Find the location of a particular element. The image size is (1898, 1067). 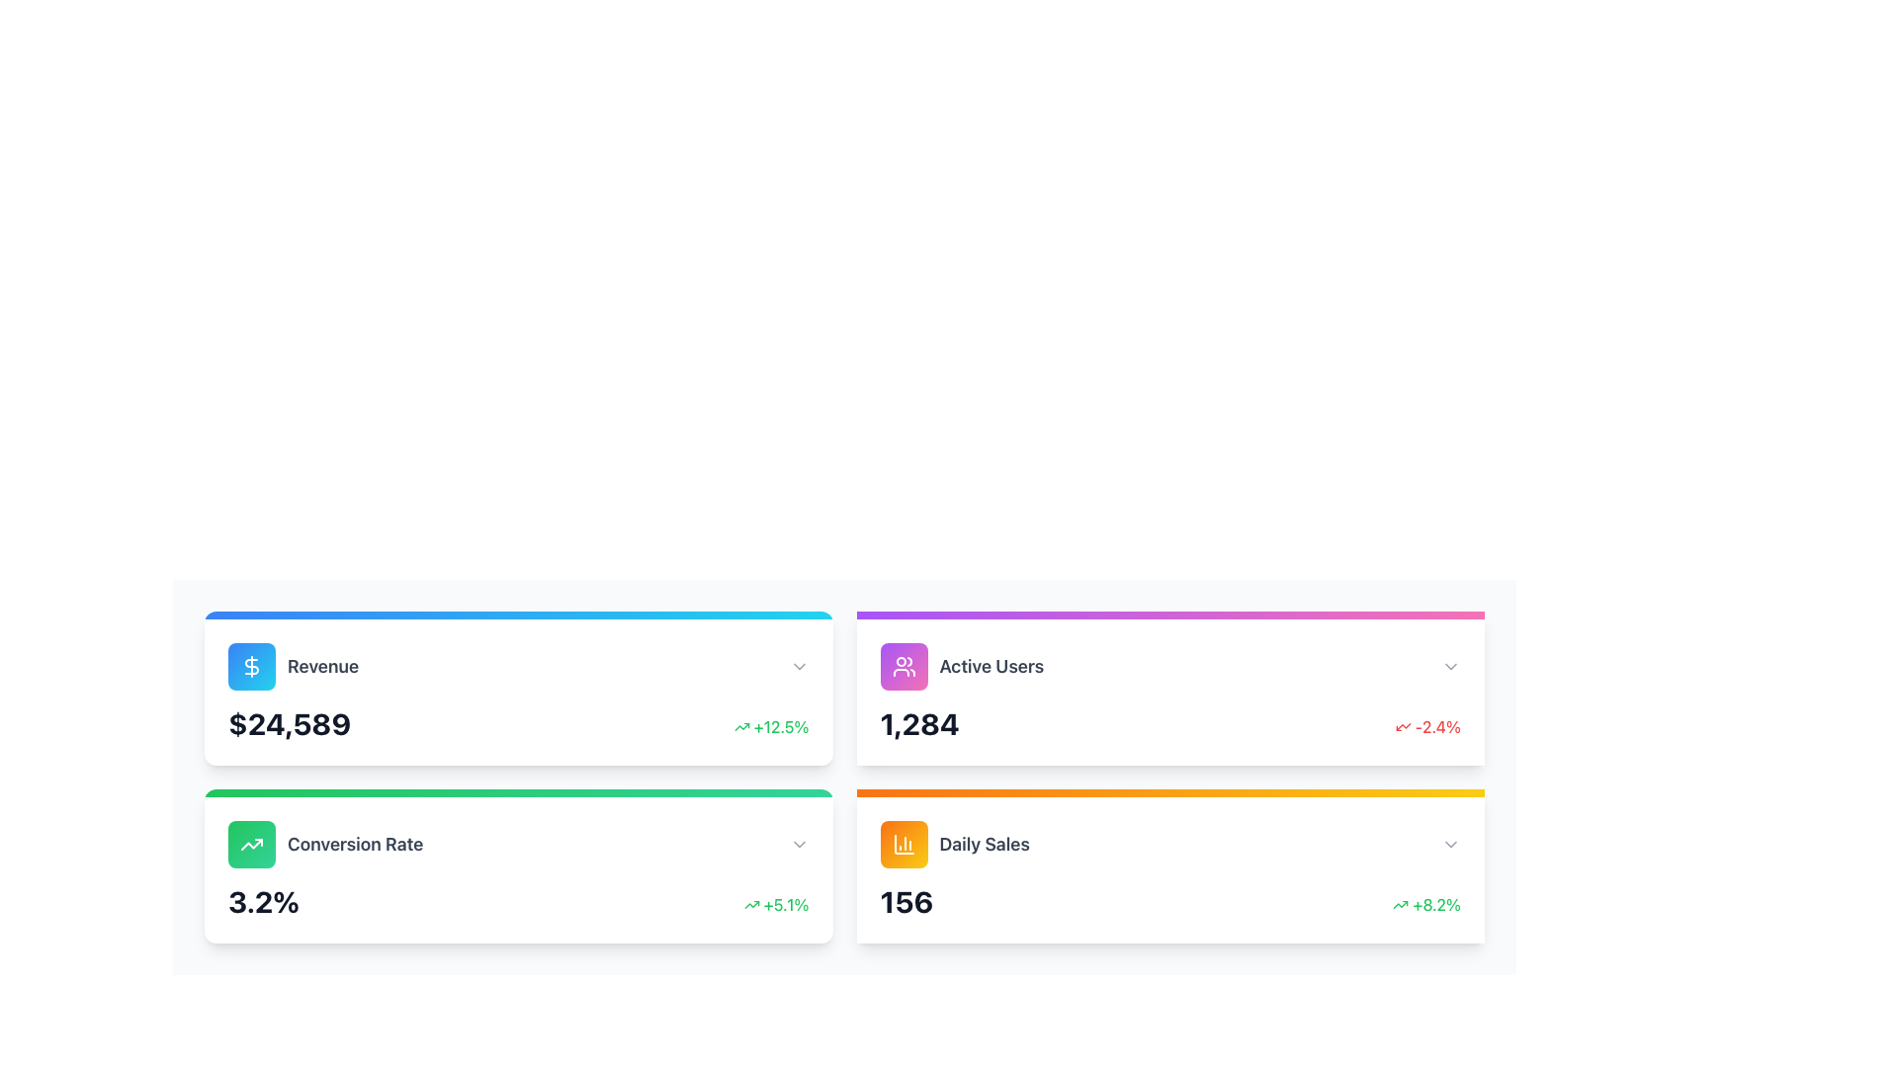

the Information card located at the bottom-left corner of the grid, which displays the conversion rate metric and its recent variation is located at coordinates (518, 868).